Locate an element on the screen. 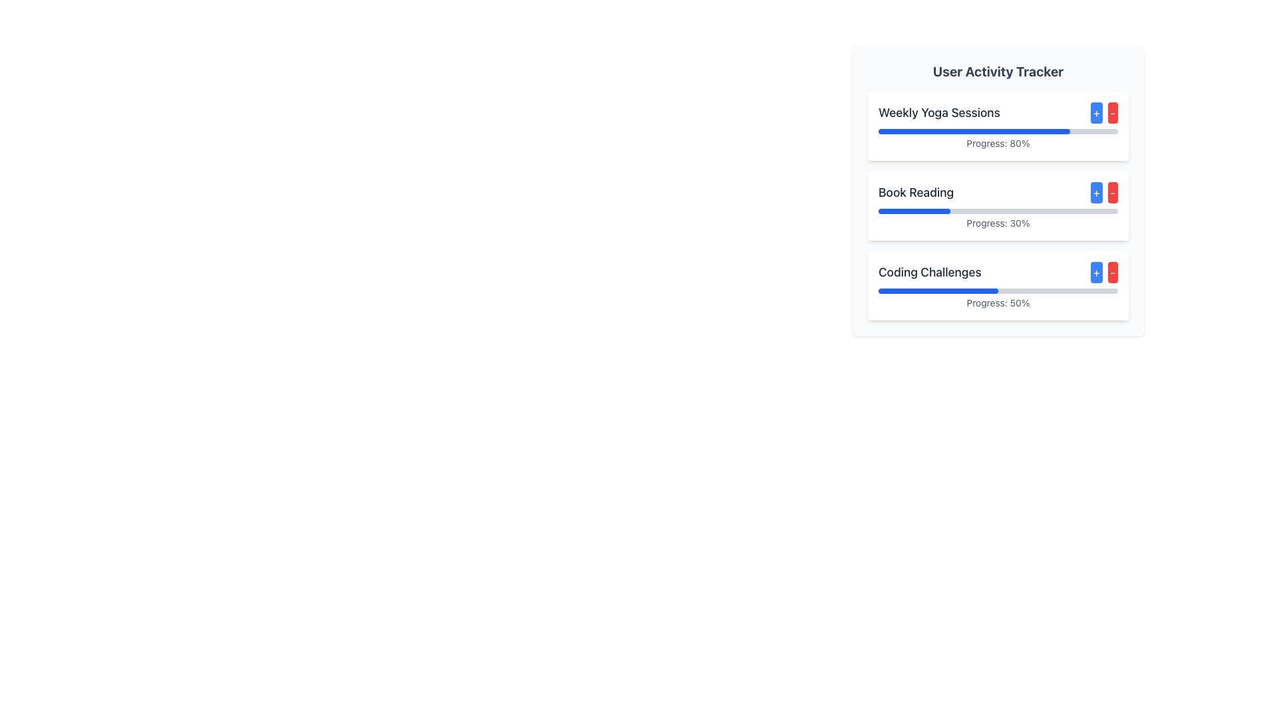  the rightmost button in the 'Book Reading' section of the 'User Activity Tracker' widget to reduce the associated value is located at coordinates (1113, 192).